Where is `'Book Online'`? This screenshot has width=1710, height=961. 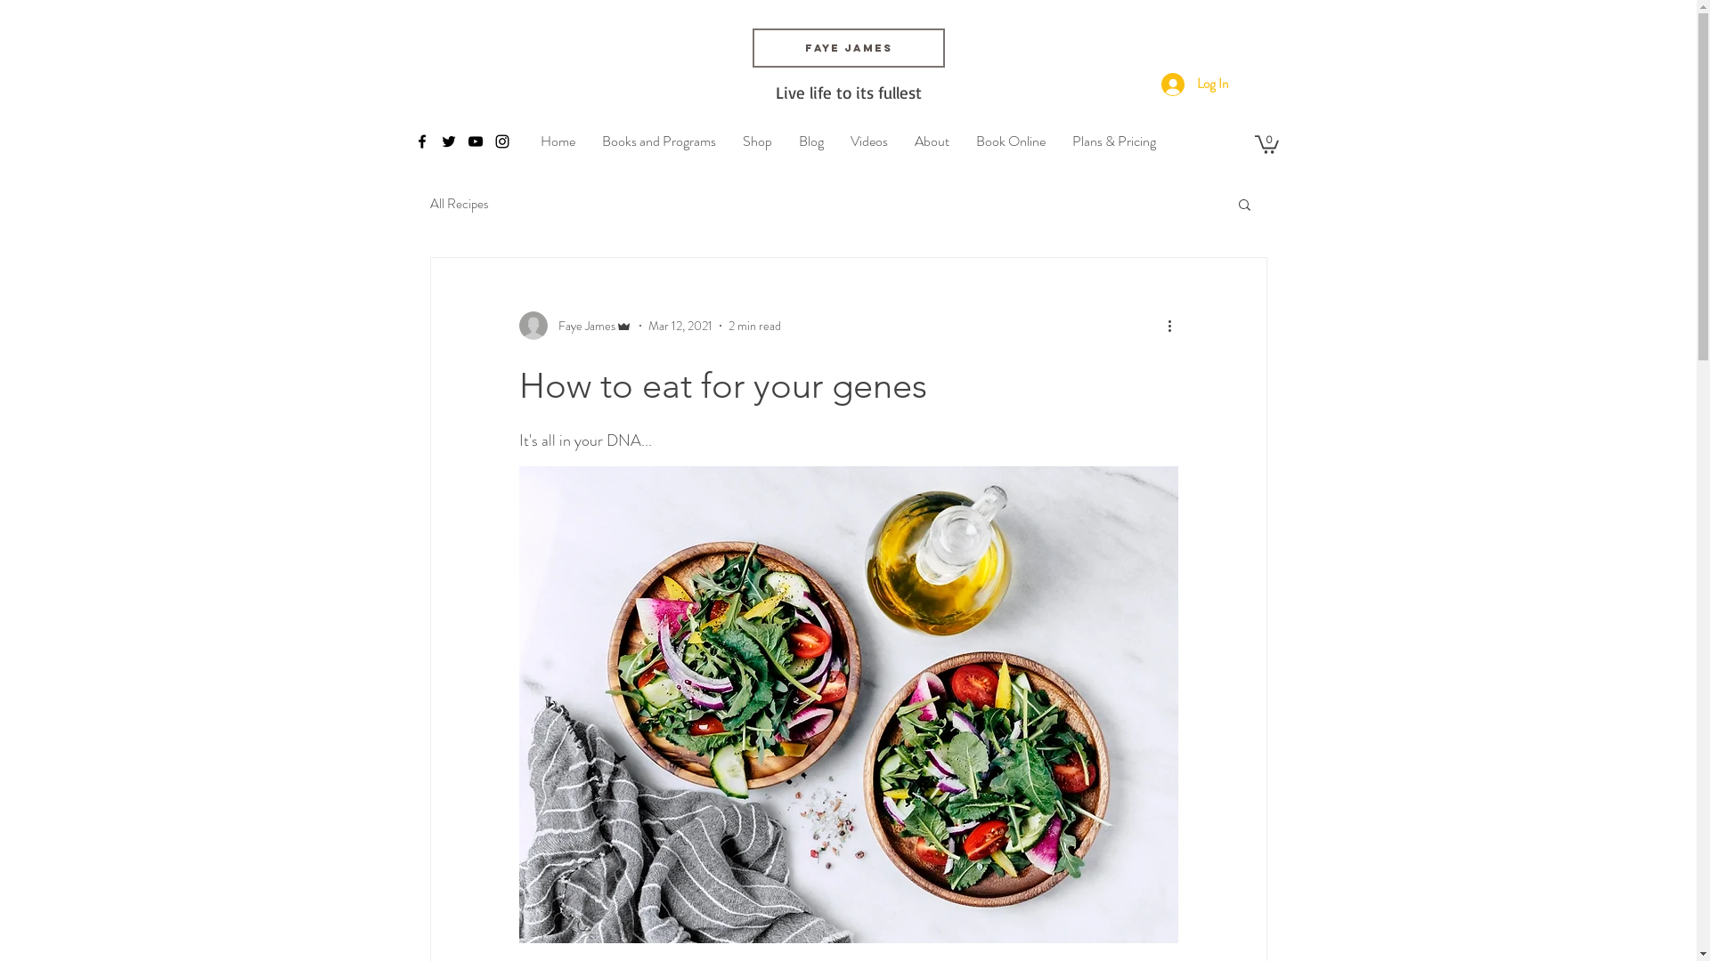 'Book Online' is located at coordinates (961, 140).